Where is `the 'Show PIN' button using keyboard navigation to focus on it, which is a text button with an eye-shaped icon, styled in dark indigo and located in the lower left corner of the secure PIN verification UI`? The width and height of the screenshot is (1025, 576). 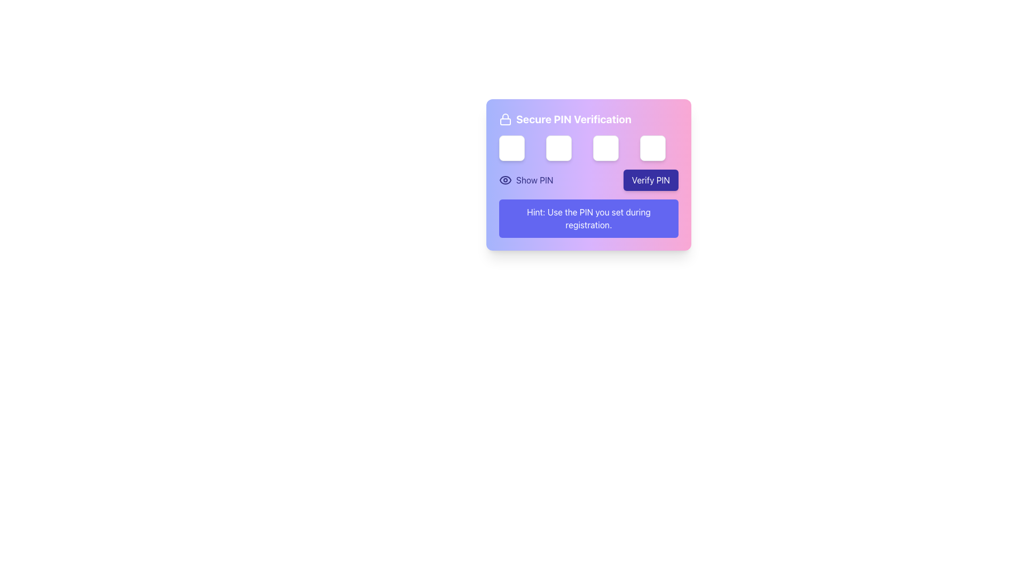
the 'Show PIN' button using keyboard navigation to focus on it, which is a text button with an eye-shaped icon, styled in dark indigo and located in the lower left corner of the secure PIN verification UI is located at coordinates (526, 180).